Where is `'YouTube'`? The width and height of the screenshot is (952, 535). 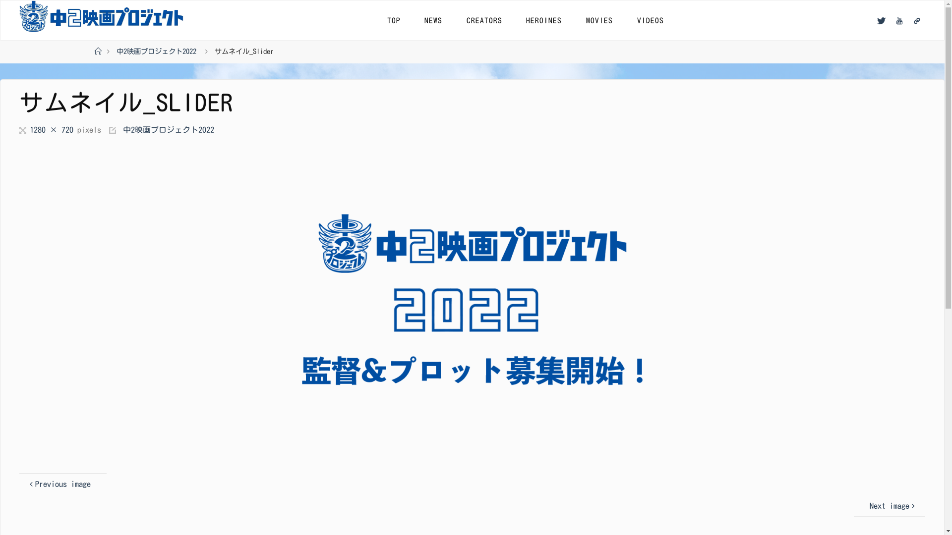
'YouTube' is located at coordinates (899, 20).